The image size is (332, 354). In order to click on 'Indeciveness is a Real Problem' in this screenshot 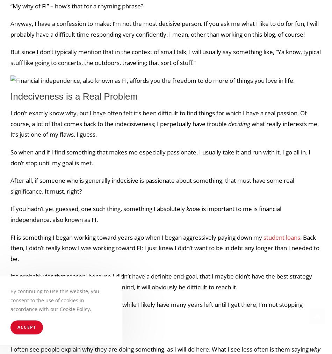, I will do `click(74, 96)`.